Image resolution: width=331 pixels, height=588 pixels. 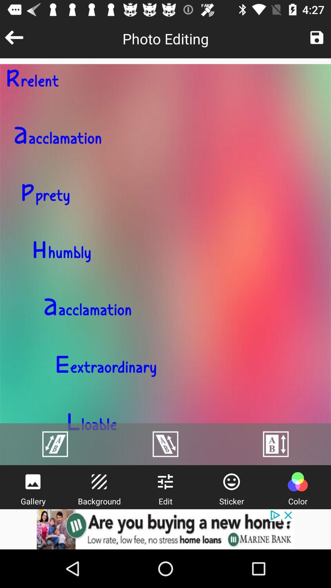 What do you see at coordinates (231, 481) in the screenshot?
I see `pick sticker` at bounding box center [231, 481].